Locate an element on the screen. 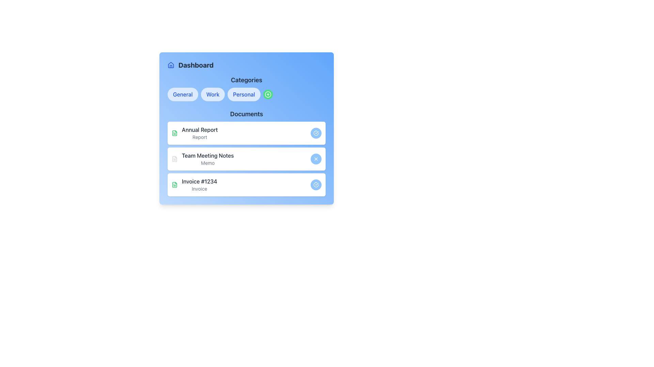 This screenshot has width=654, height=367. the 'Team Meeting Notes' entry in the Documents section is located at coordinates (202, 159).